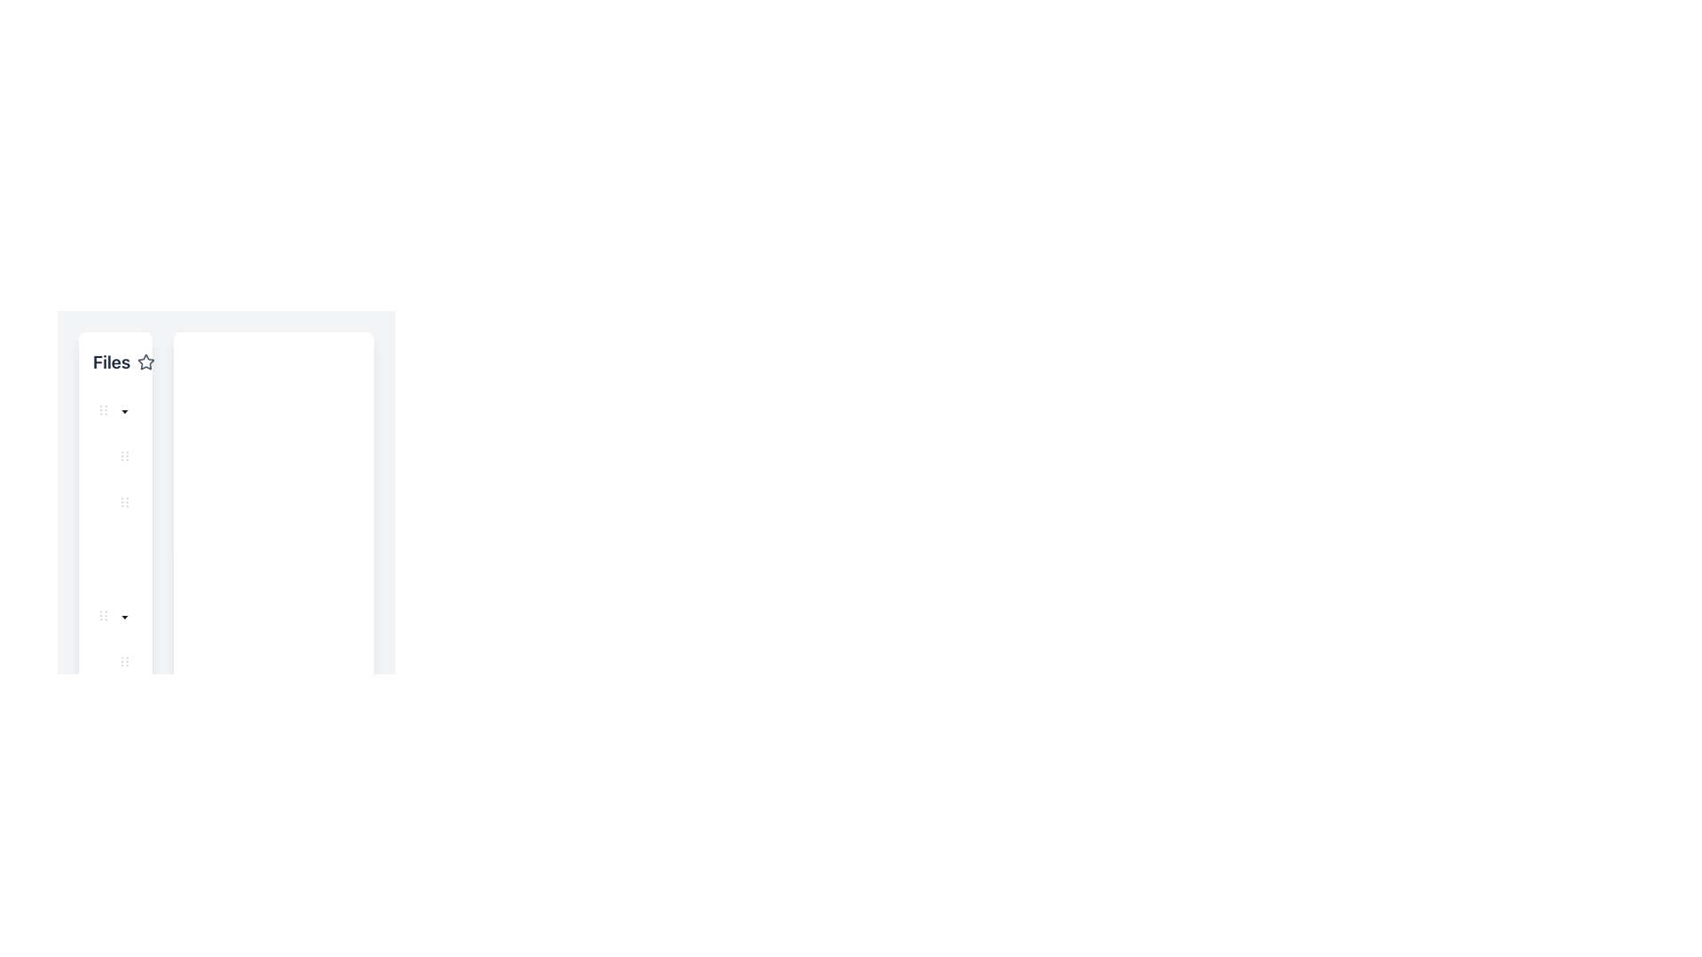  I want to click on the vertically aligned triple-dot icon (drag handle) located, so click(123, 455).